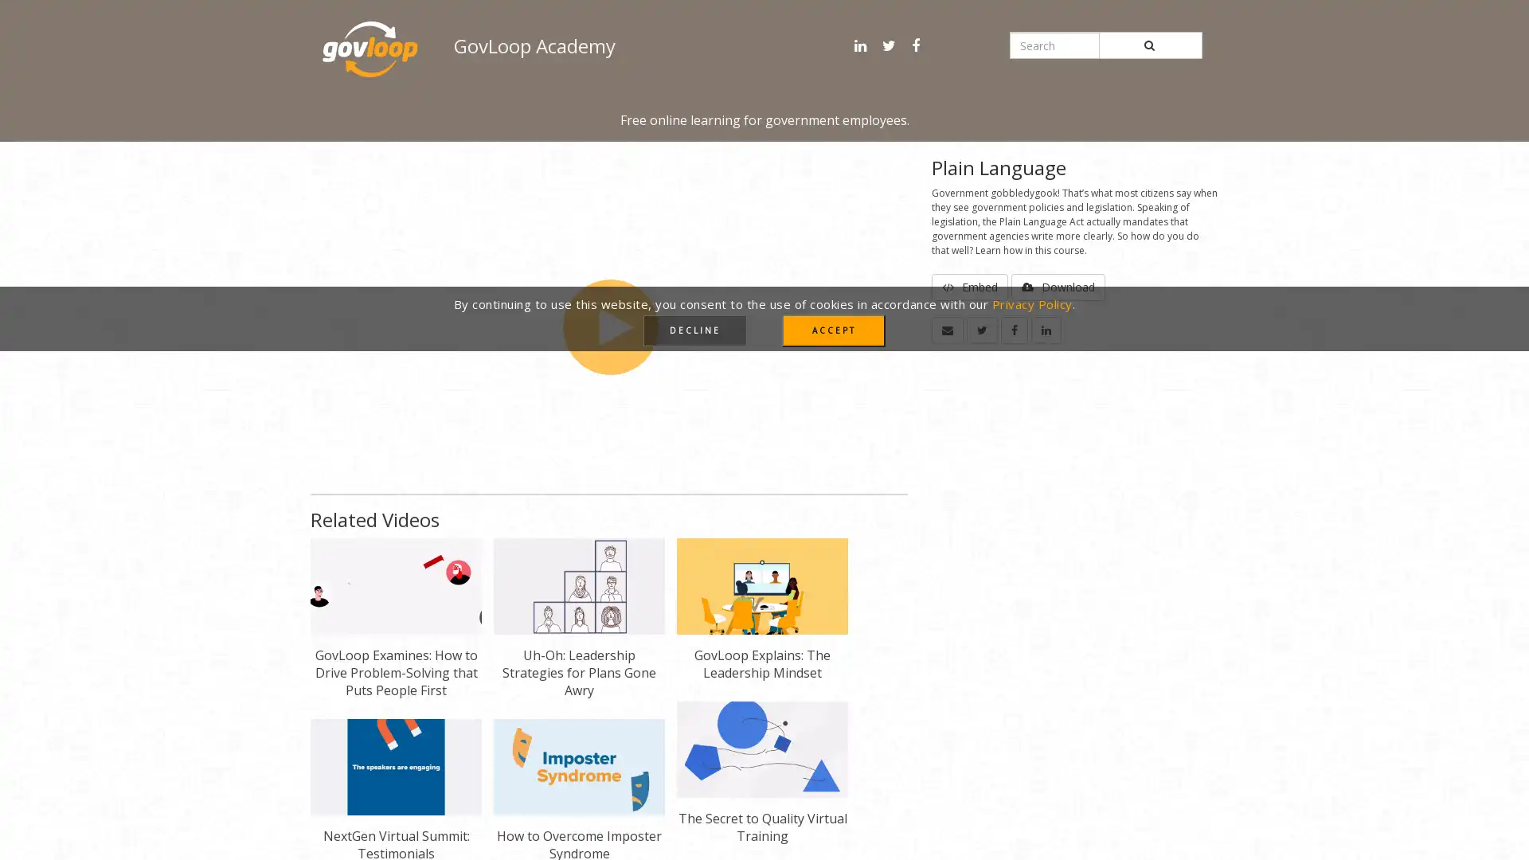  What do you see at coordinates (948, 330) in the screenshot?
I see `Share by email` at bounding box center [948, 330].